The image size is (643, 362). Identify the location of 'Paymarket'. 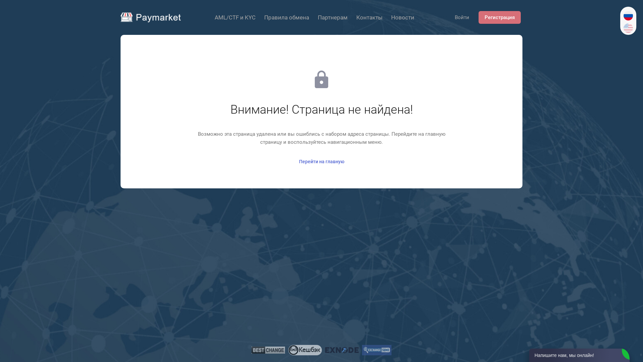
(150, 17).